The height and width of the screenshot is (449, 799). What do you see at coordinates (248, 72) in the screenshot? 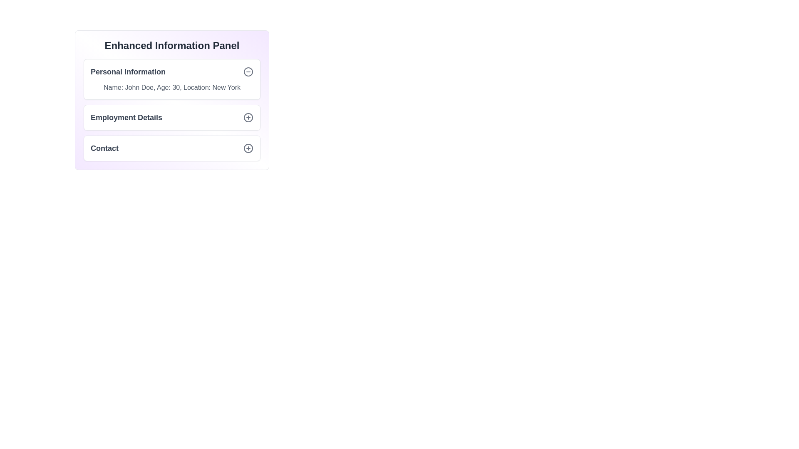
I see `the circular SVG graphical element featuring a minus sign, located to the right of the 'Personal Information' section header in the 'Enhanced Information Panel'` at bounding box center [248, 72].